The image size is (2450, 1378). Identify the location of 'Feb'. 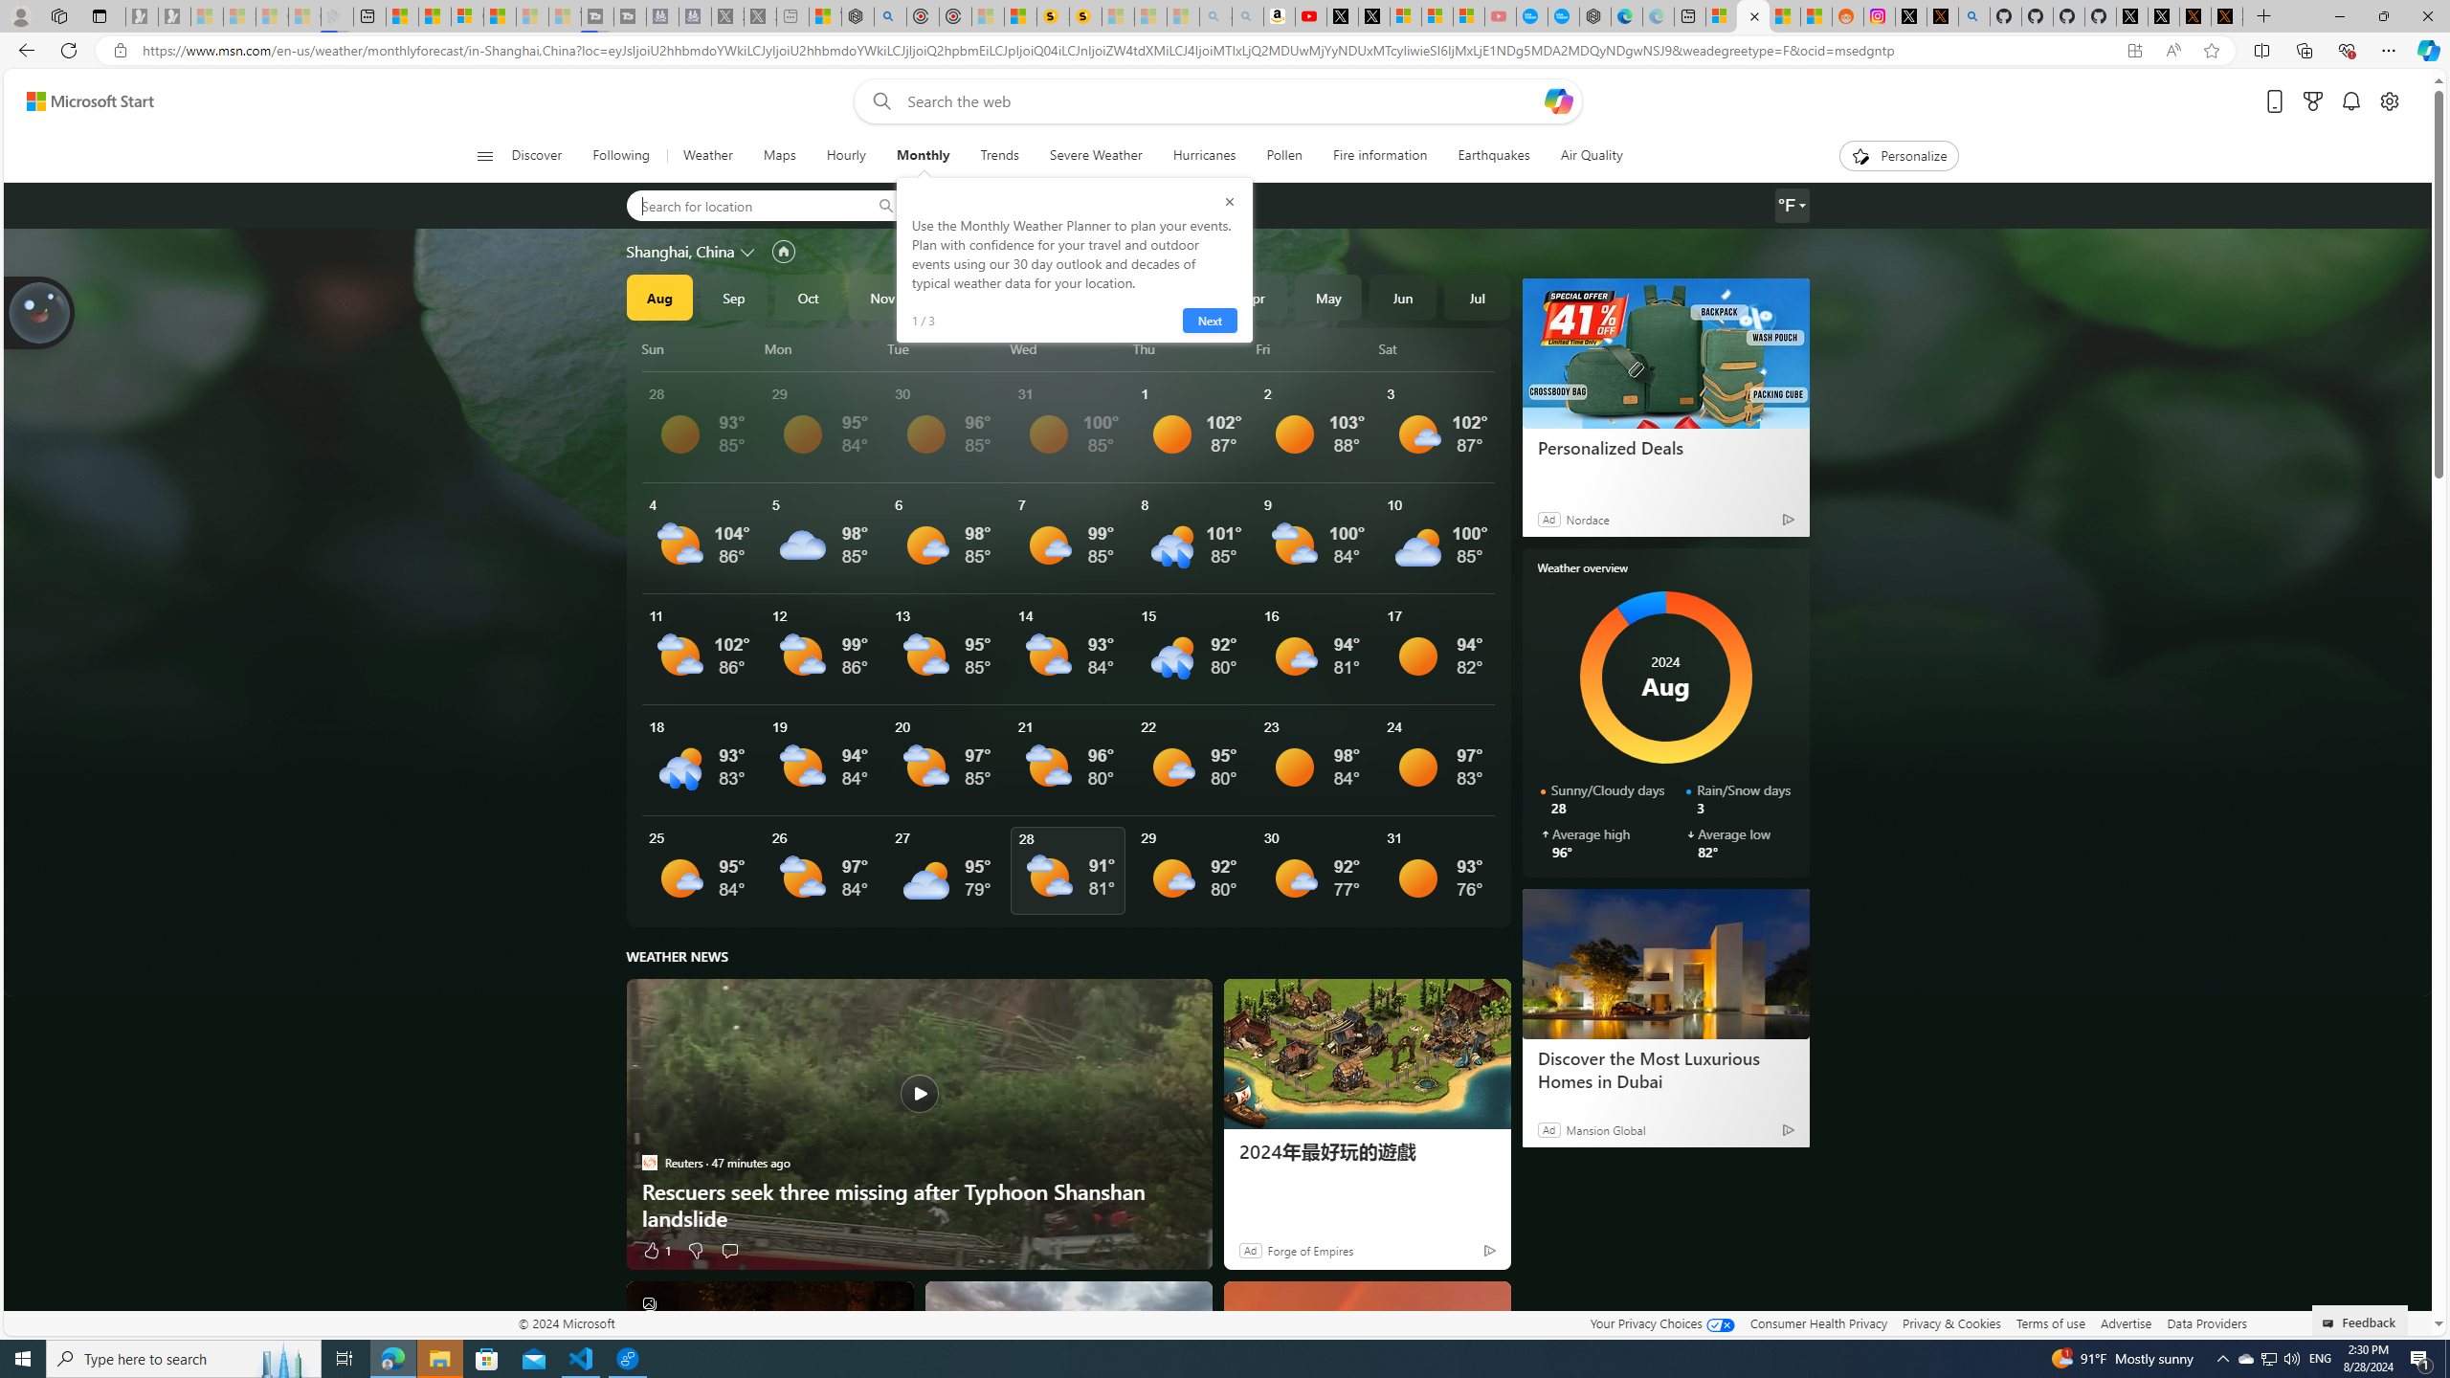
(1104, 297).